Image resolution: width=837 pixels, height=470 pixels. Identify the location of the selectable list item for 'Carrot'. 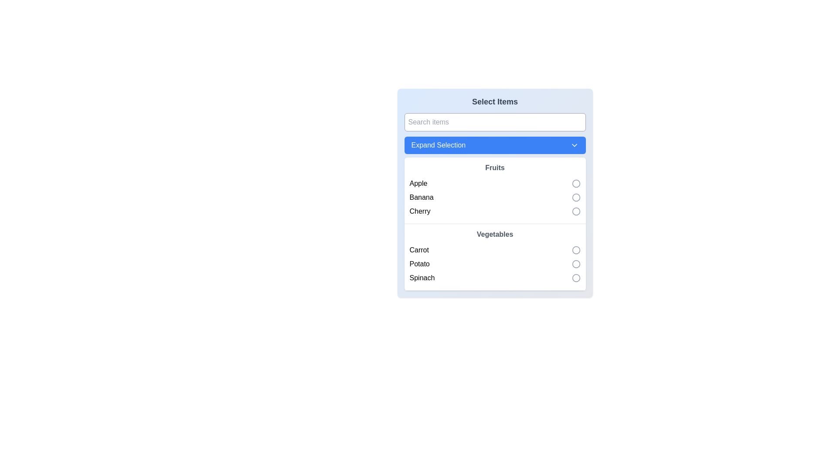
(495, 250).